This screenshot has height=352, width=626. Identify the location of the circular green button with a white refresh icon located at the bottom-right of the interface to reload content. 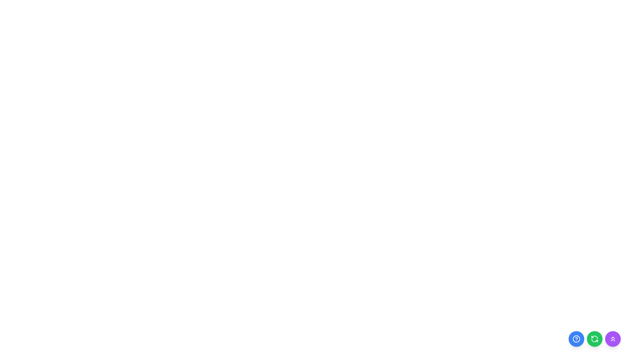
(595, 339).